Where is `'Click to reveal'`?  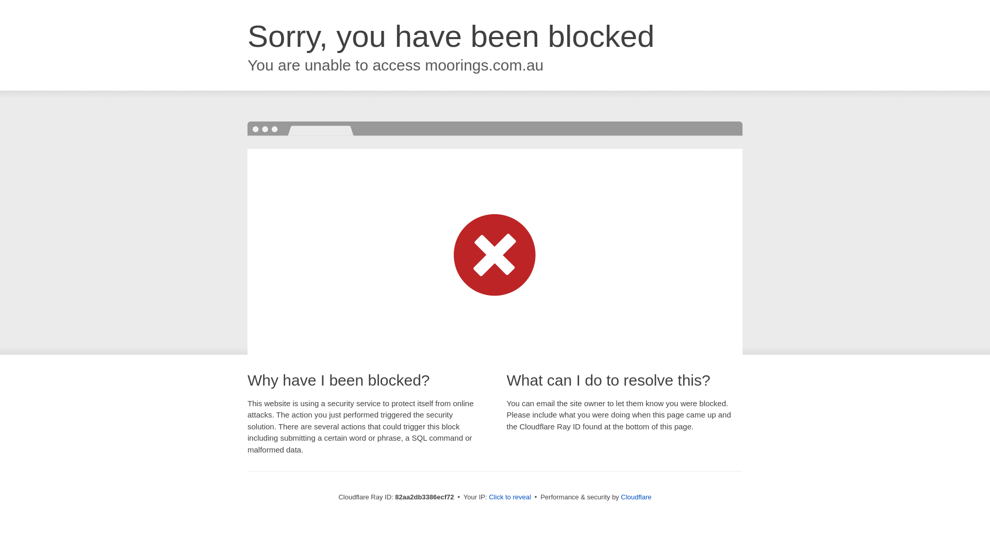
'Click to reveal' is located at coordinates (509, 496).